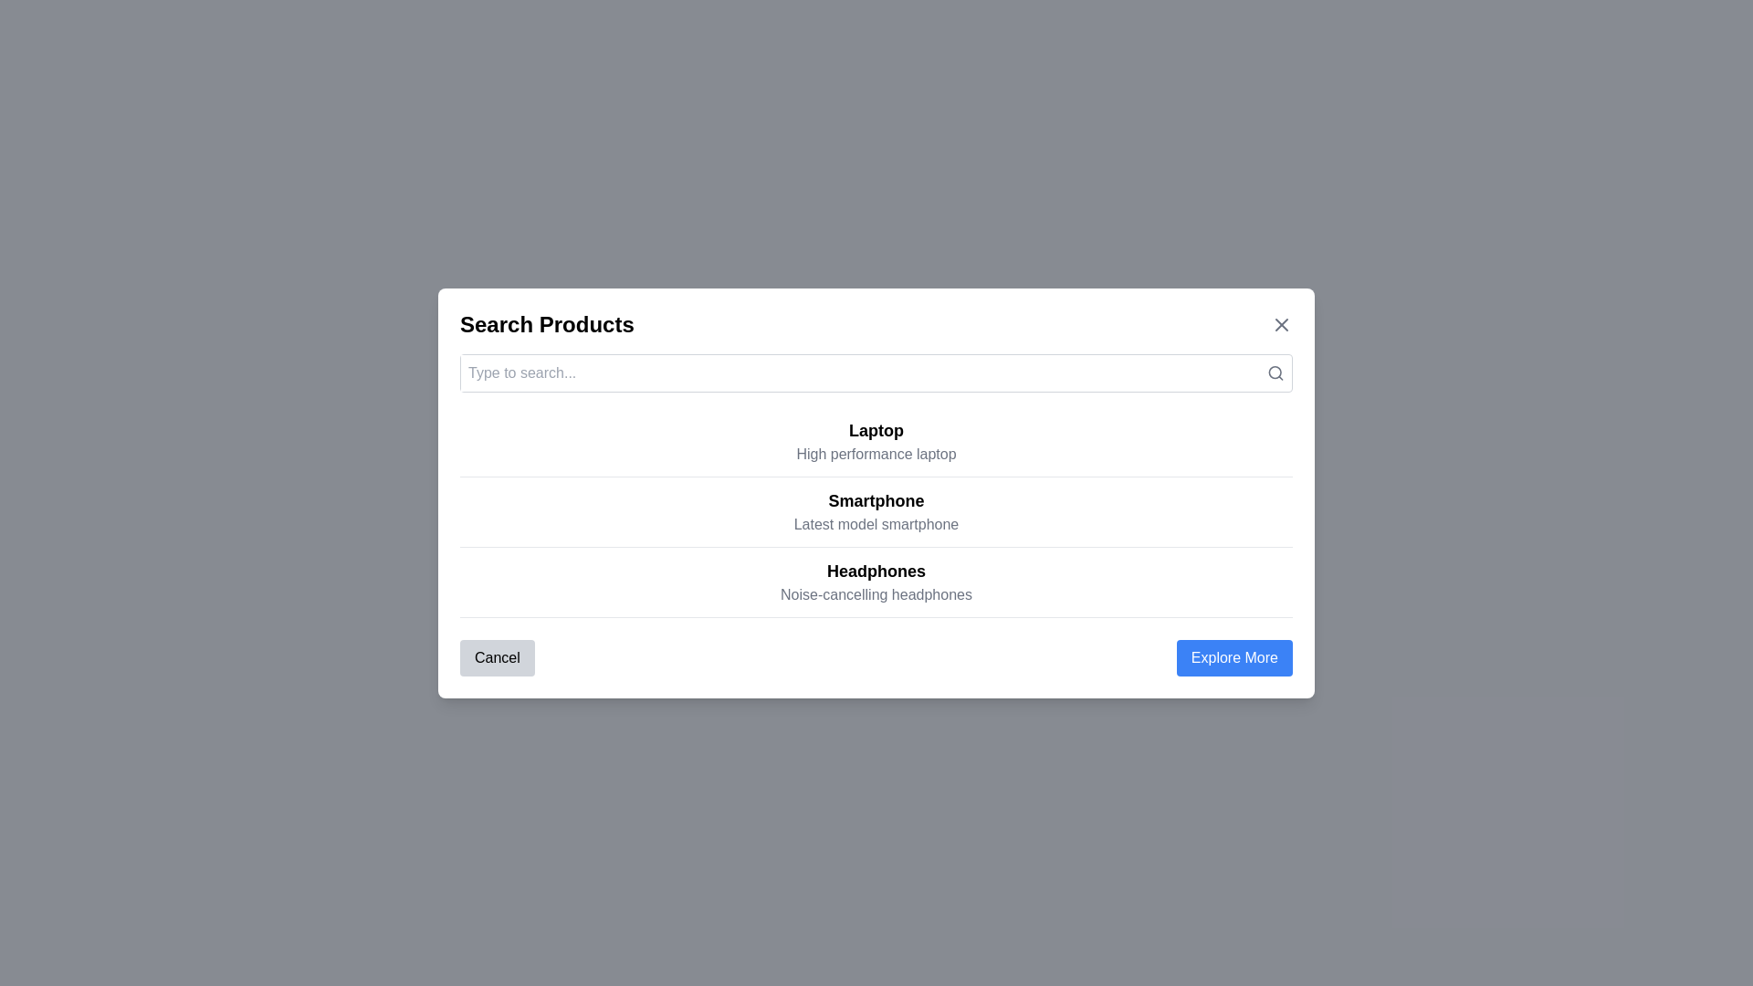 This screenshot has width=1753, height=986. Describe the element at coordinates (876, 582) in the screenshot. I see `the text block displaying information about 'Headphones', which is positioned between the 'Smartphone' entry and the 'Explore More' button in the vertically stacked list` at that location.